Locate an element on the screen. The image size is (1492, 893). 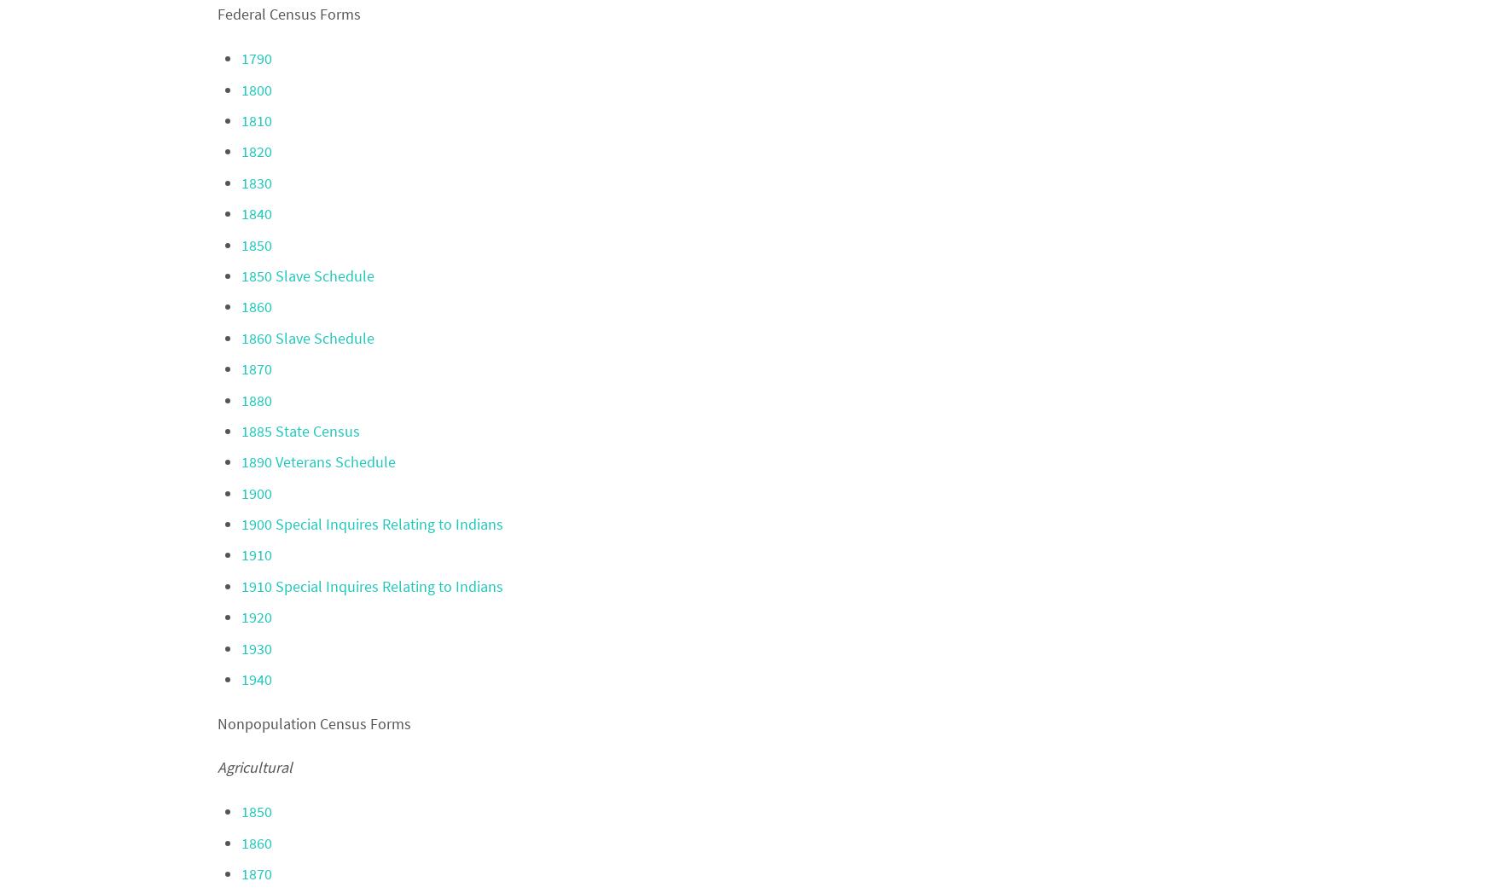
'1940' is located at coordinates (256, 678).